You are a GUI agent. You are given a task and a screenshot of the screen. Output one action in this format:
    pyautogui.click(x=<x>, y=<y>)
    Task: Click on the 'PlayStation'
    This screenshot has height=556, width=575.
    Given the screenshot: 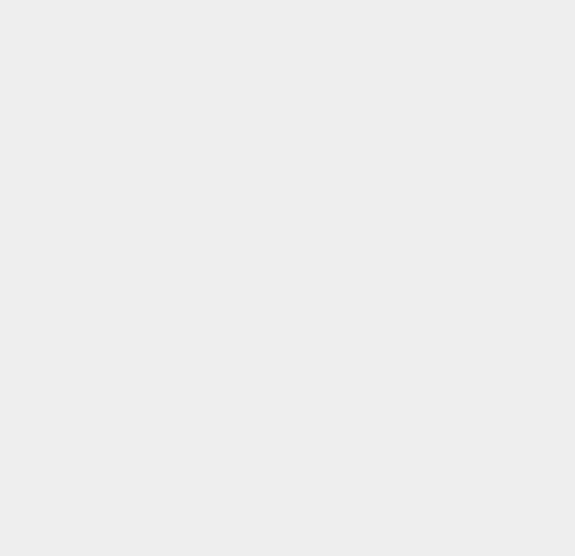 What is the action you would take?
    pyautogui.click(x=425, y=496)
    